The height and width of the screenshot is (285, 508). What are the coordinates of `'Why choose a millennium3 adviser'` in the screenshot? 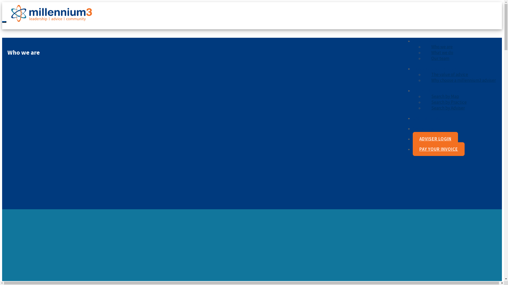 It's located at (463, 80).